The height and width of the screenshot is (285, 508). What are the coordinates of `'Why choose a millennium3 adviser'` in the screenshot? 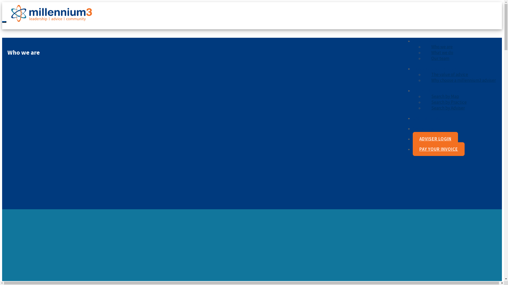 It's located at (463, 80).